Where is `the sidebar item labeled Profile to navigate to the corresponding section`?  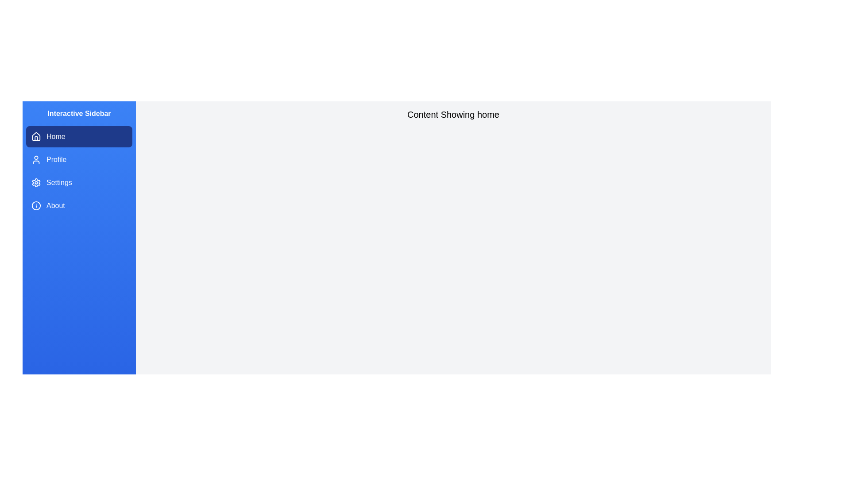 the sidebar item labeled Profile to navigate to the corresponding section is located at coordinates (79, 160).